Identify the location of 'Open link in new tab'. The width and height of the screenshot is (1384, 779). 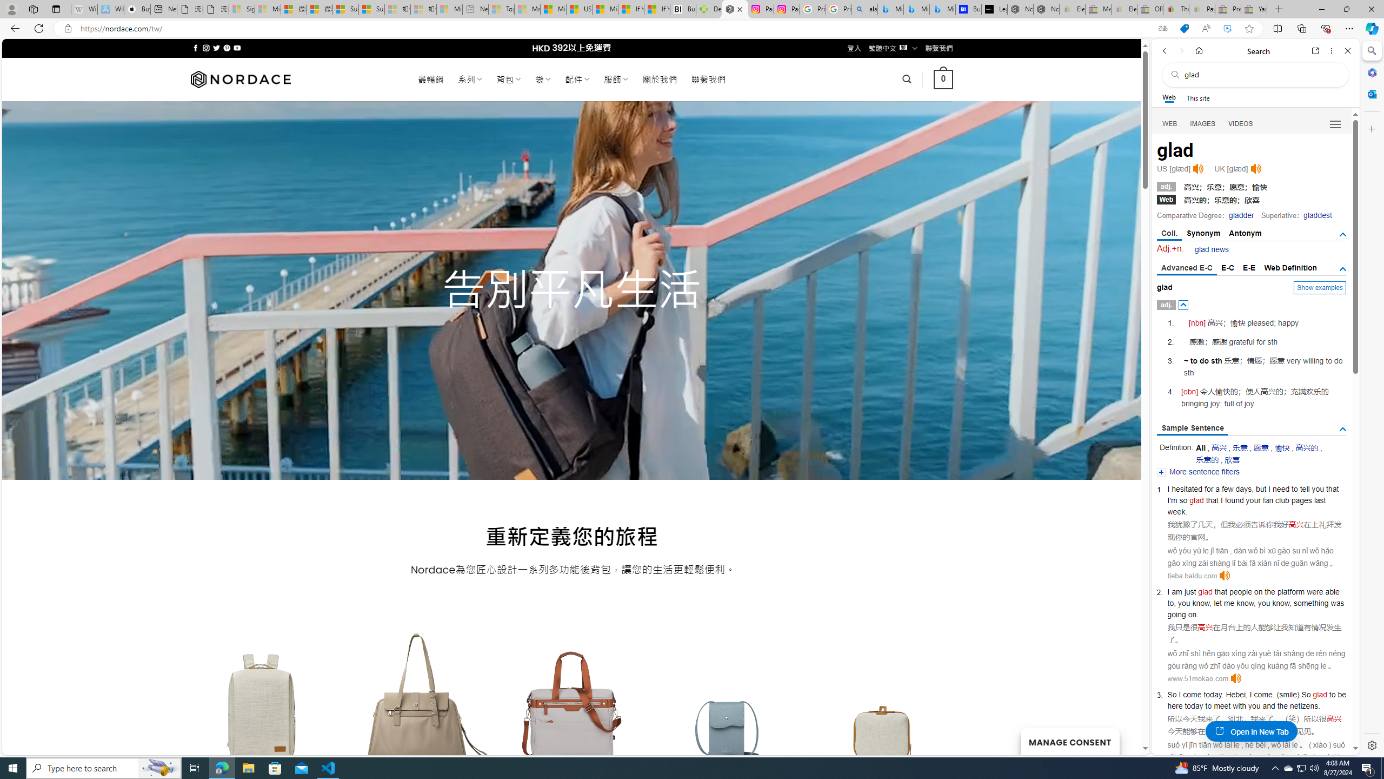
(1315, 50).